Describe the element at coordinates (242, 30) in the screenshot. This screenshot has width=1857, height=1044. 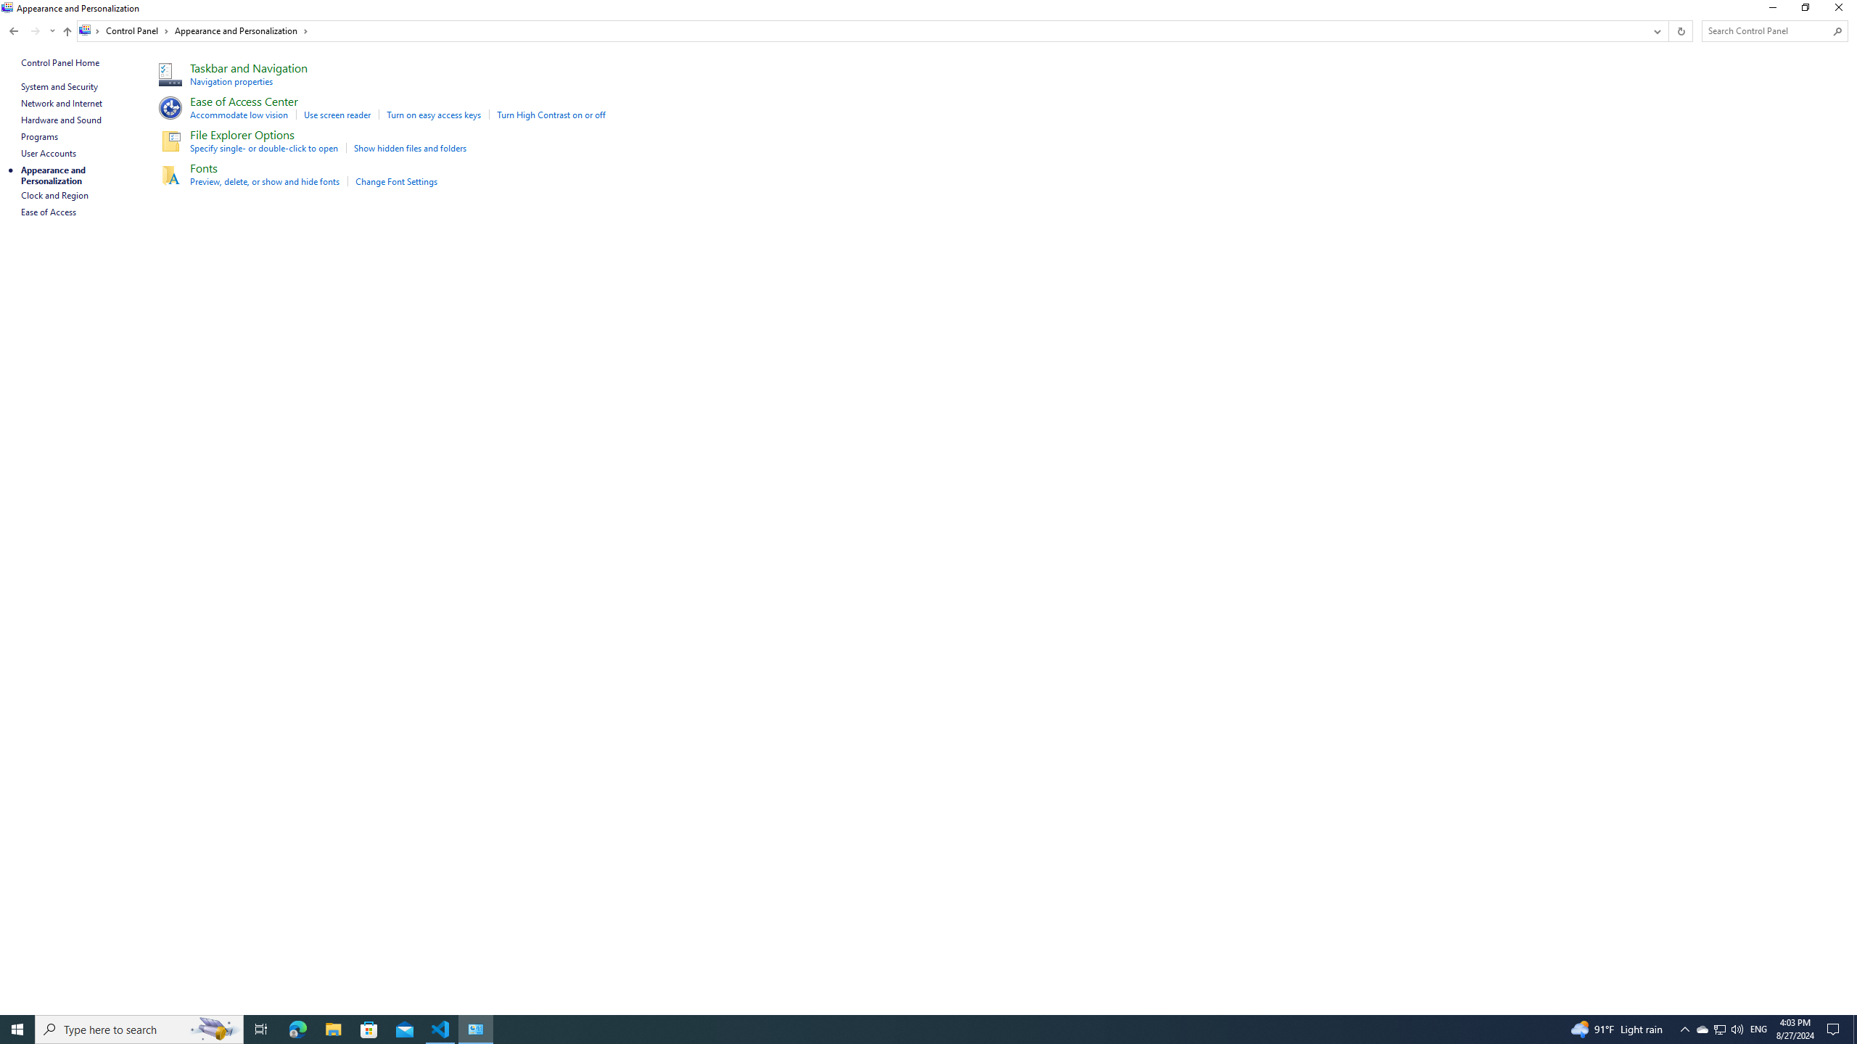
I see `'Appearance and Personalization'` at that location.